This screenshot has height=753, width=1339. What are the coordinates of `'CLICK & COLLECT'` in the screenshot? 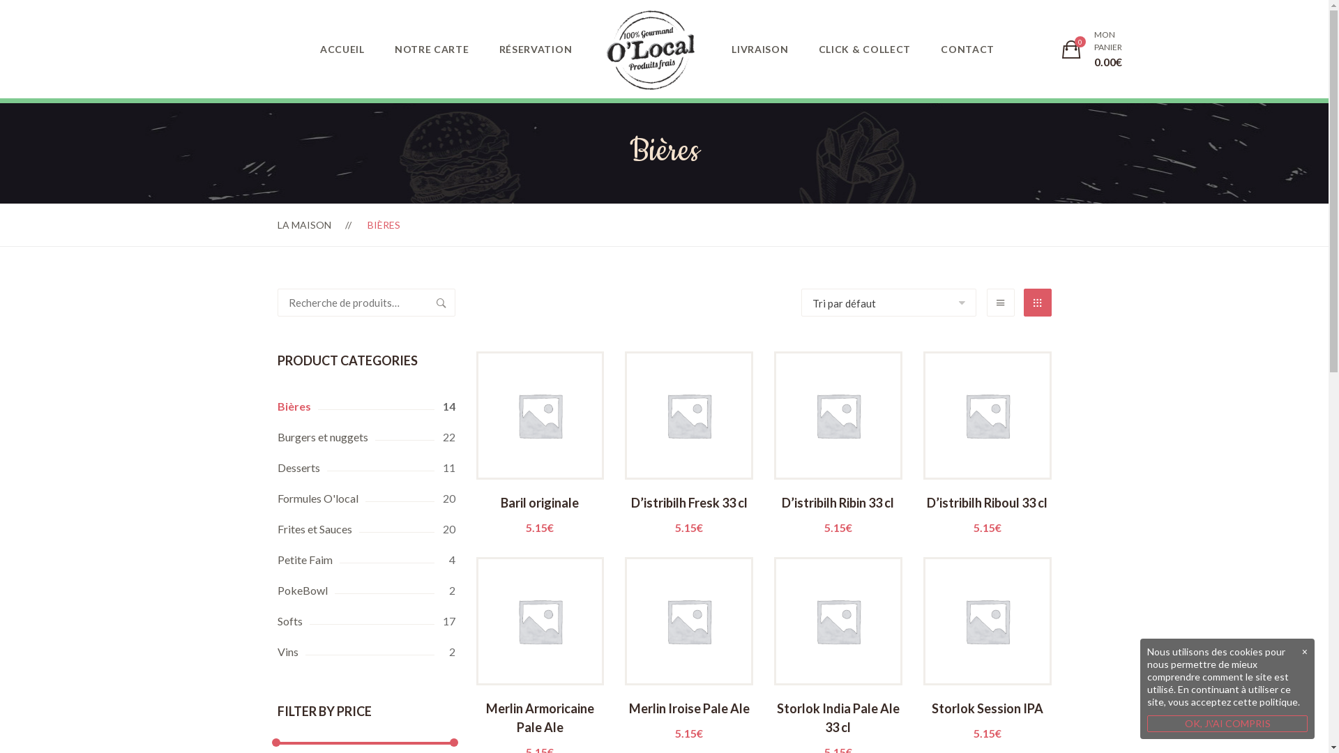 It's located at (864, 48).